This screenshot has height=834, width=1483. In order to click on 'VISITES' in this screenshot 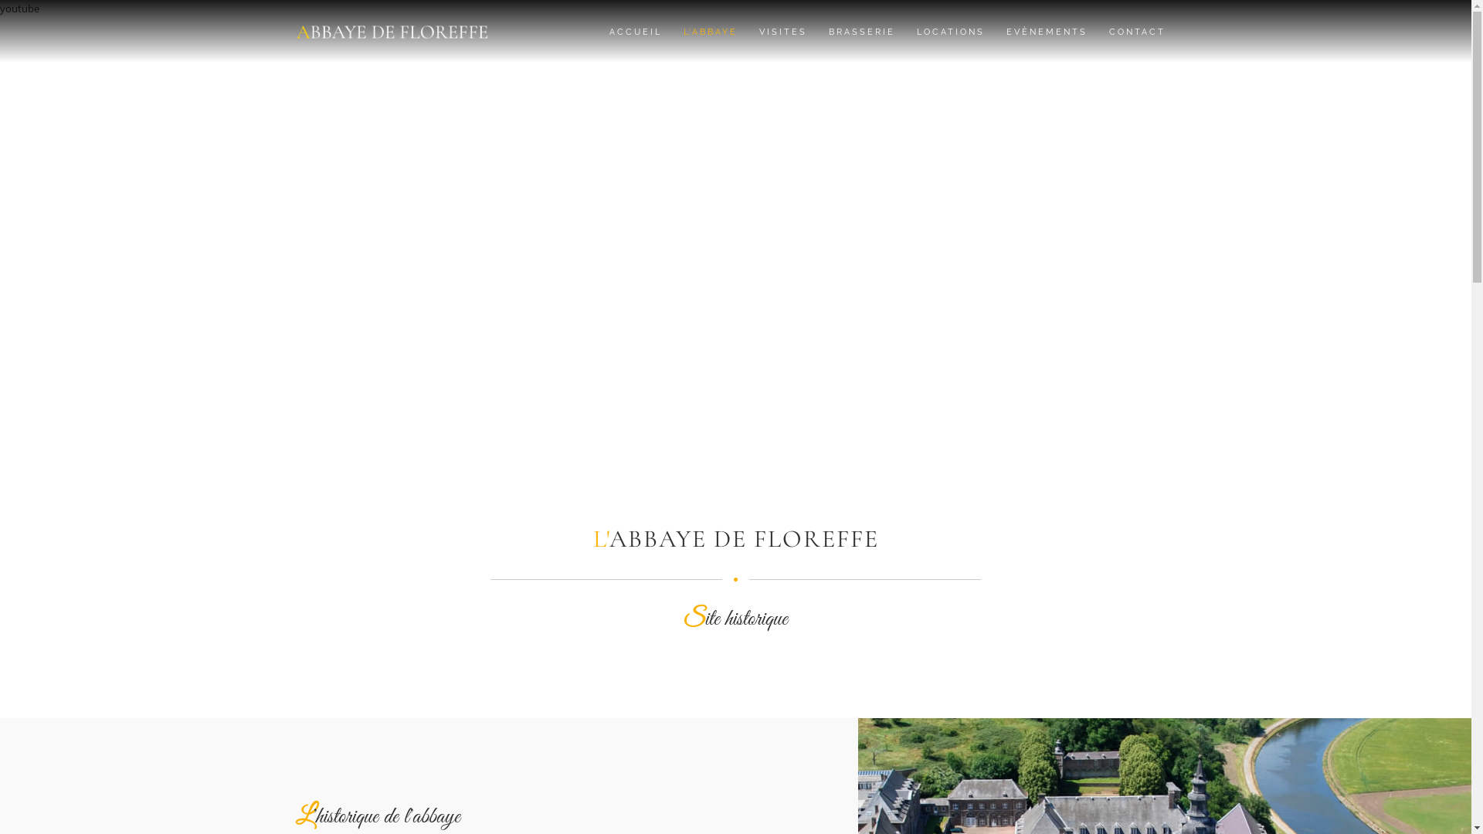, I will do `click(782, 29)`.